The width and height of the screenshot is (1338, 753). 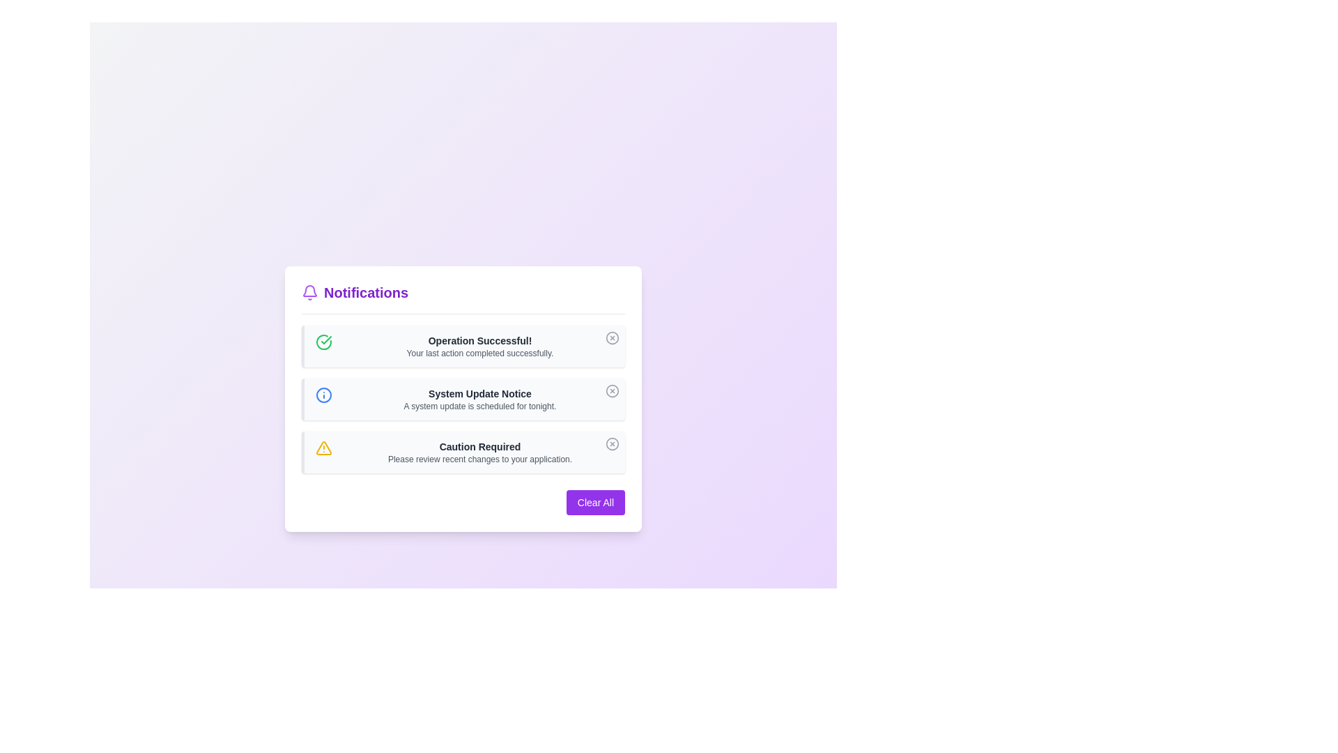 I want to click on notification text from the Notification card, which is the third item in the vertically arranged notification list and located below the 'System Update Notice', so click(x=463, y=452).